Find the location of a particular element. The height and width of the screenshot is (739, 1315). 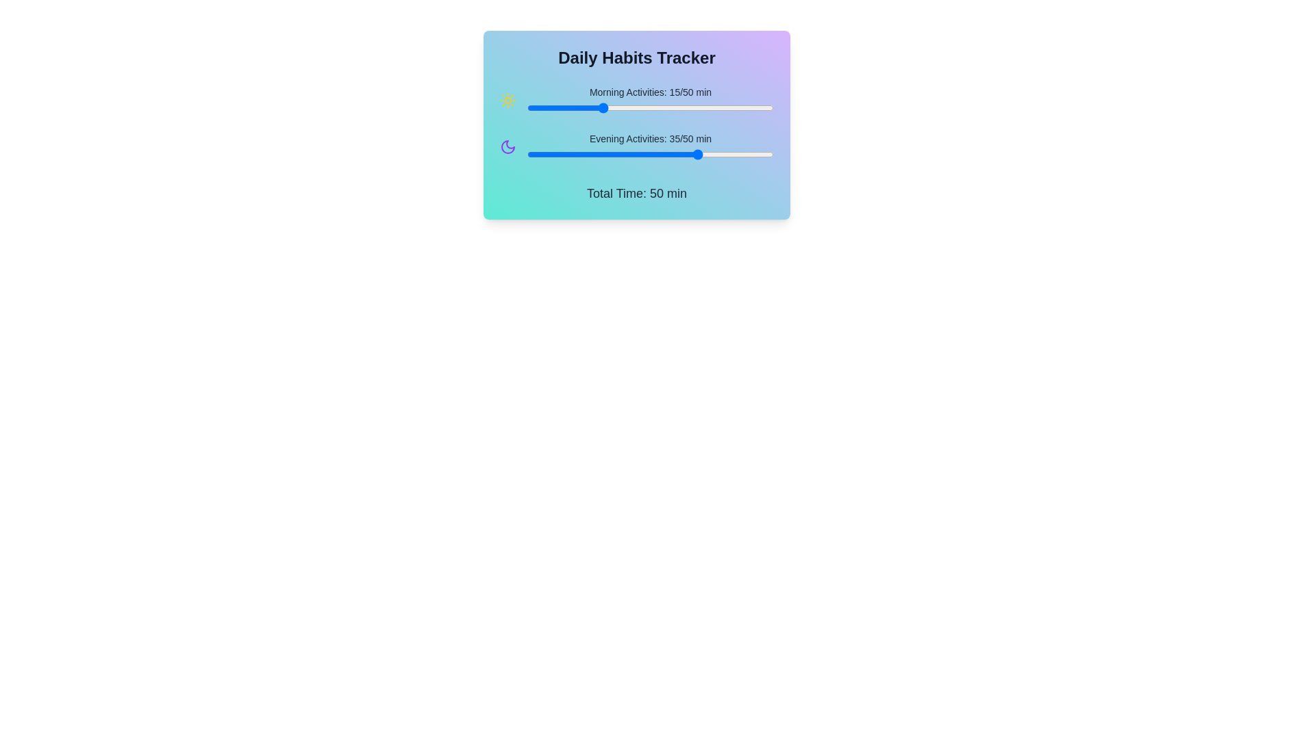

the 'Morning Activities' slider is located at coordinates (665, 107).